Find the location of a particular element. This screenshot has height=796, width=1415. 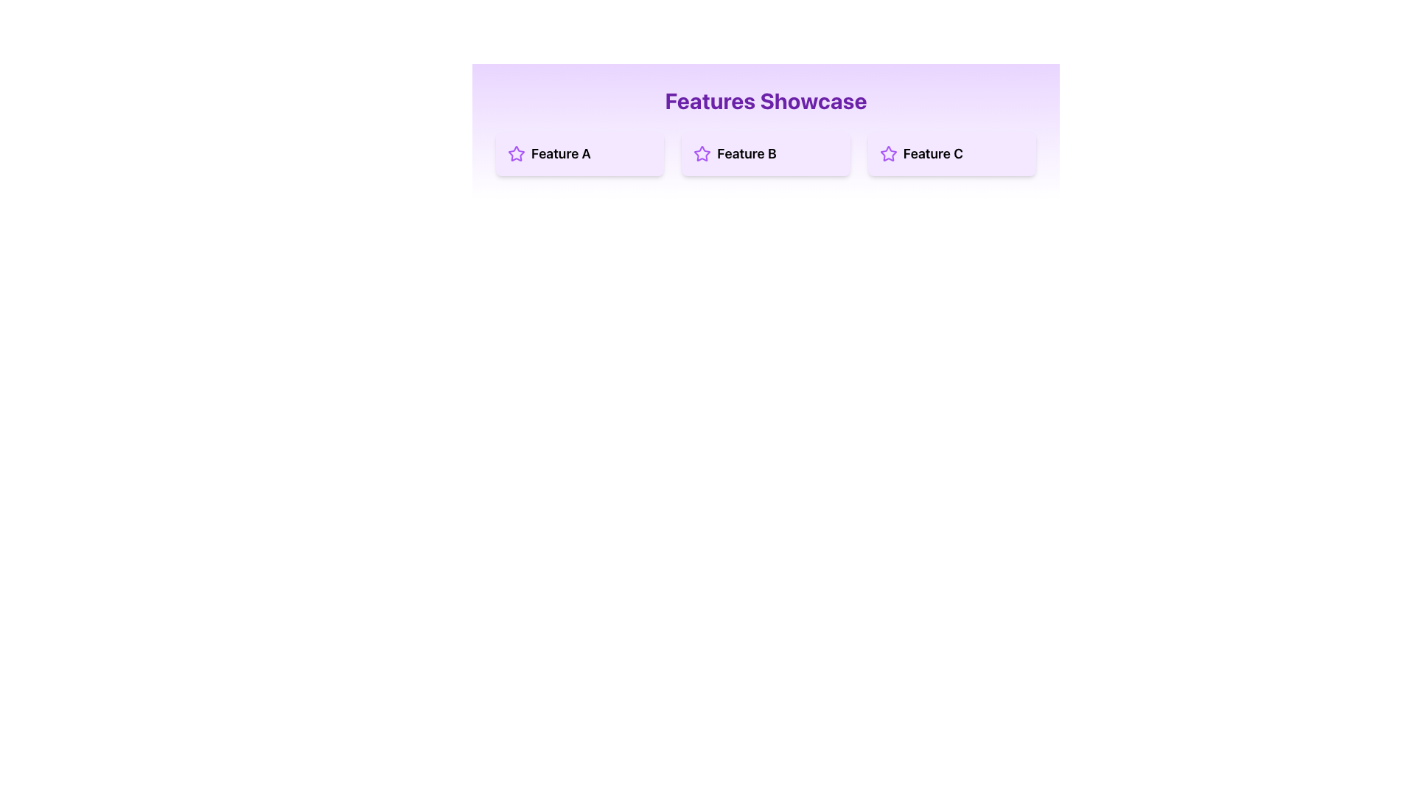

the text or icon on the third card representing 'Feature C' in the Features Showcase section is located at coordinates (951, 153).